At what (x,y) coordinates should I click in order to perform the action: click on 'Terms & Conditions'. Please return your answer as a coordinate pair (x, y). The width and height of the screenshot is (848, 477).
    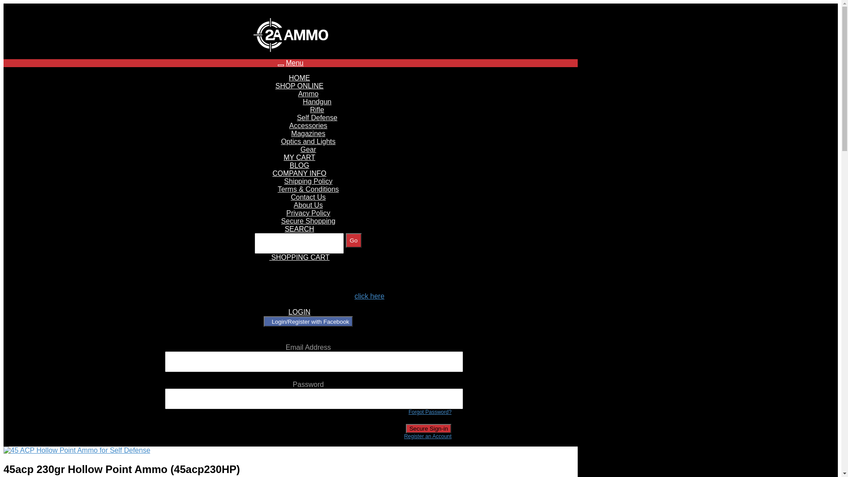
    Looking at the image, I should click on (308, 189).